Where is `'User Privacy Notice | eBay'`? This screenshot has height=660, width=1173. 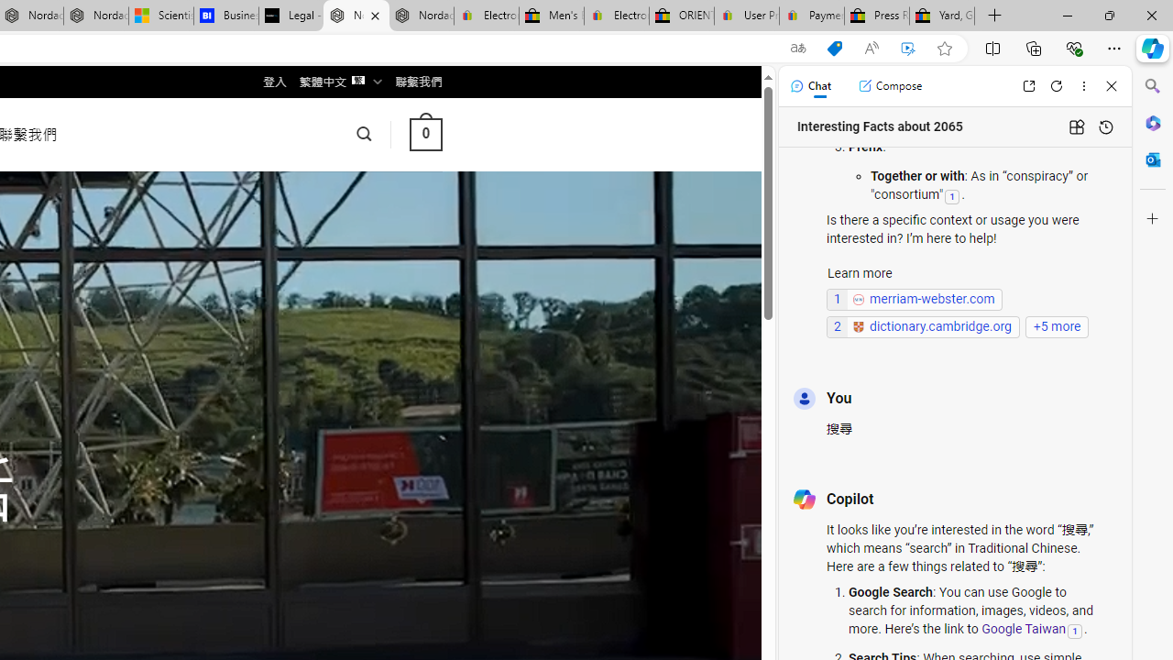
'User Privacy Notice | eBay' is located at coordinates (746, 16).